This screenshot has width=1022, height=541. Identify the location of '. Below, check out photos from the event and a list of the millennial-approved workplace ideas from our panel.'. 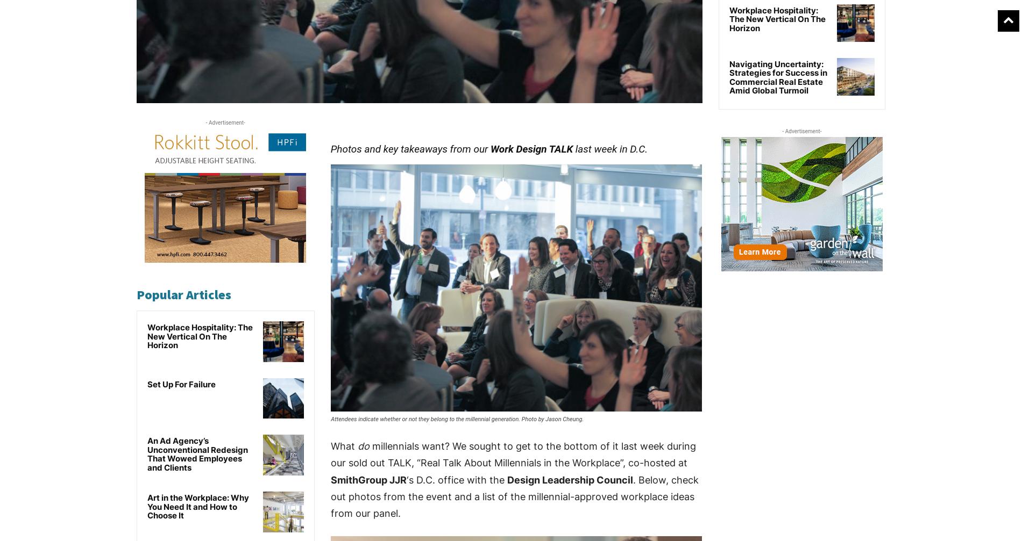
(514, 496).